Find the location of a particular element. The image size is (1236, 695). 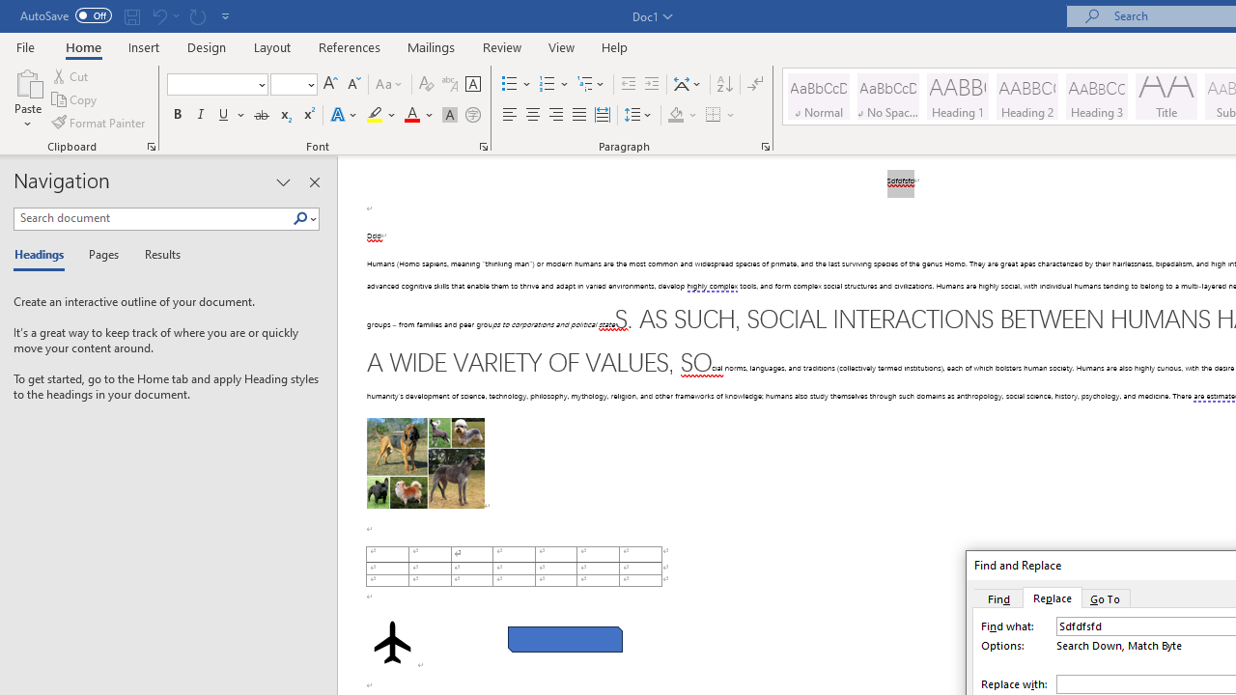

'Superscript' is located at coordinates (307, 115).